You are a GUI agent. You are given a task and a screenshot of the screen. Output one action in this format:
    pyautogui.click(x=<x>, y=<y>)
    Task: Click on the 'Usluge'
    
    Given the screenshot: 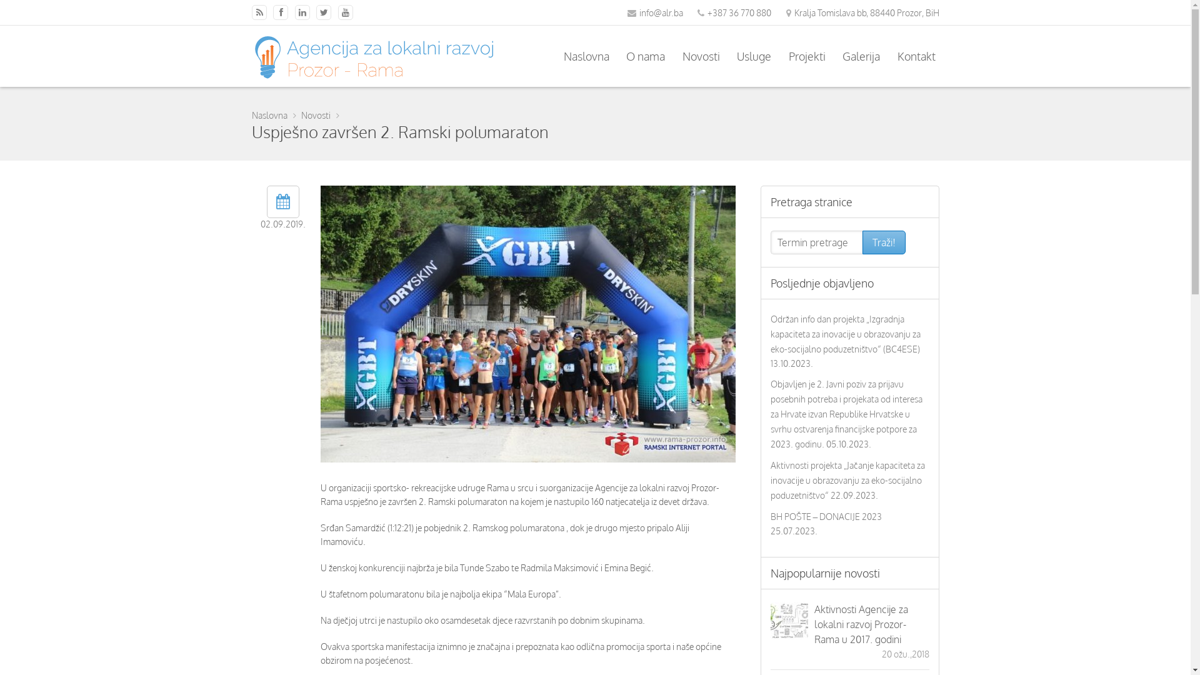 What is the action you would take?
    pyautogui.click(x=753, y=55)
    